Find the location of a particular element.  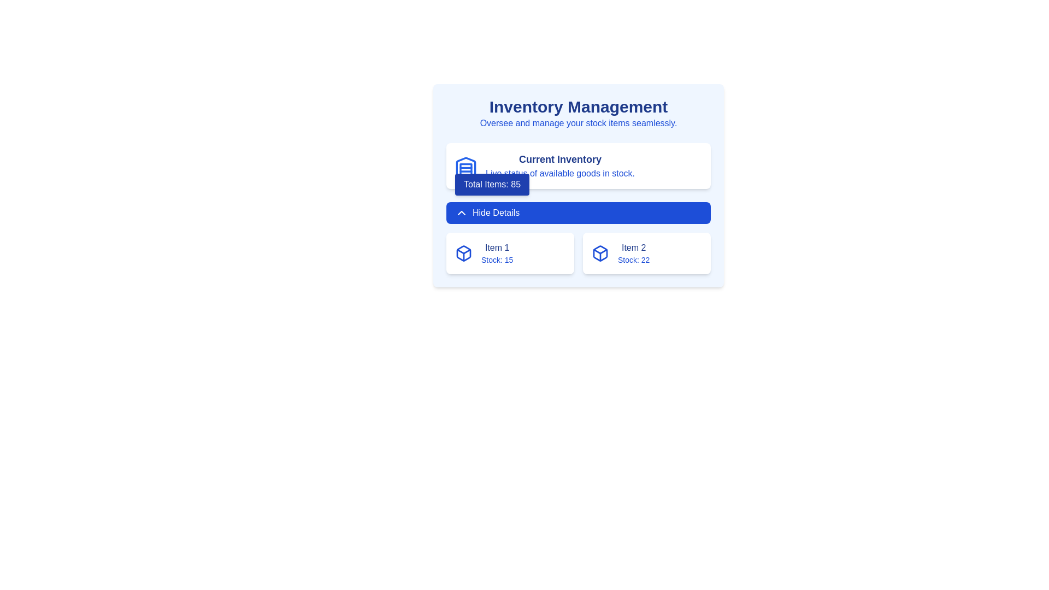

the text label displaying 'Item 2' in bold blue font and 'Stock: 22' located in the lower right corner of the card with a white background is located at coordinates (634, 253).